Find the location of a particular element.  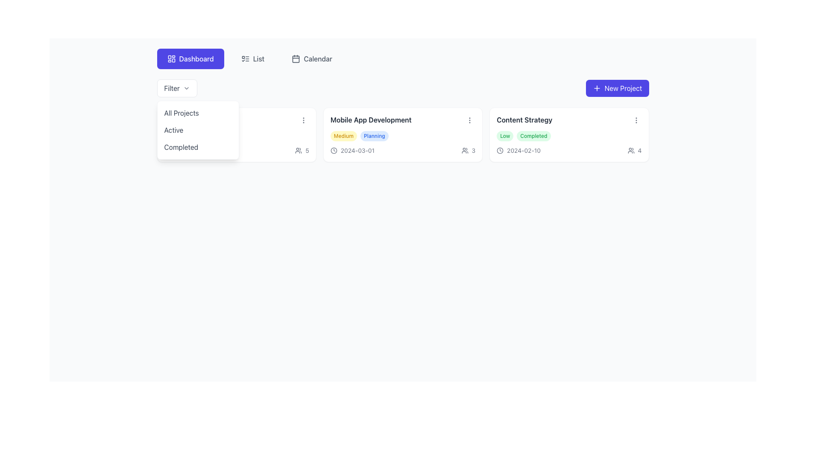

the clock face icon located to the left of the text '2024-03-01' is located at coordinates (333, 150).